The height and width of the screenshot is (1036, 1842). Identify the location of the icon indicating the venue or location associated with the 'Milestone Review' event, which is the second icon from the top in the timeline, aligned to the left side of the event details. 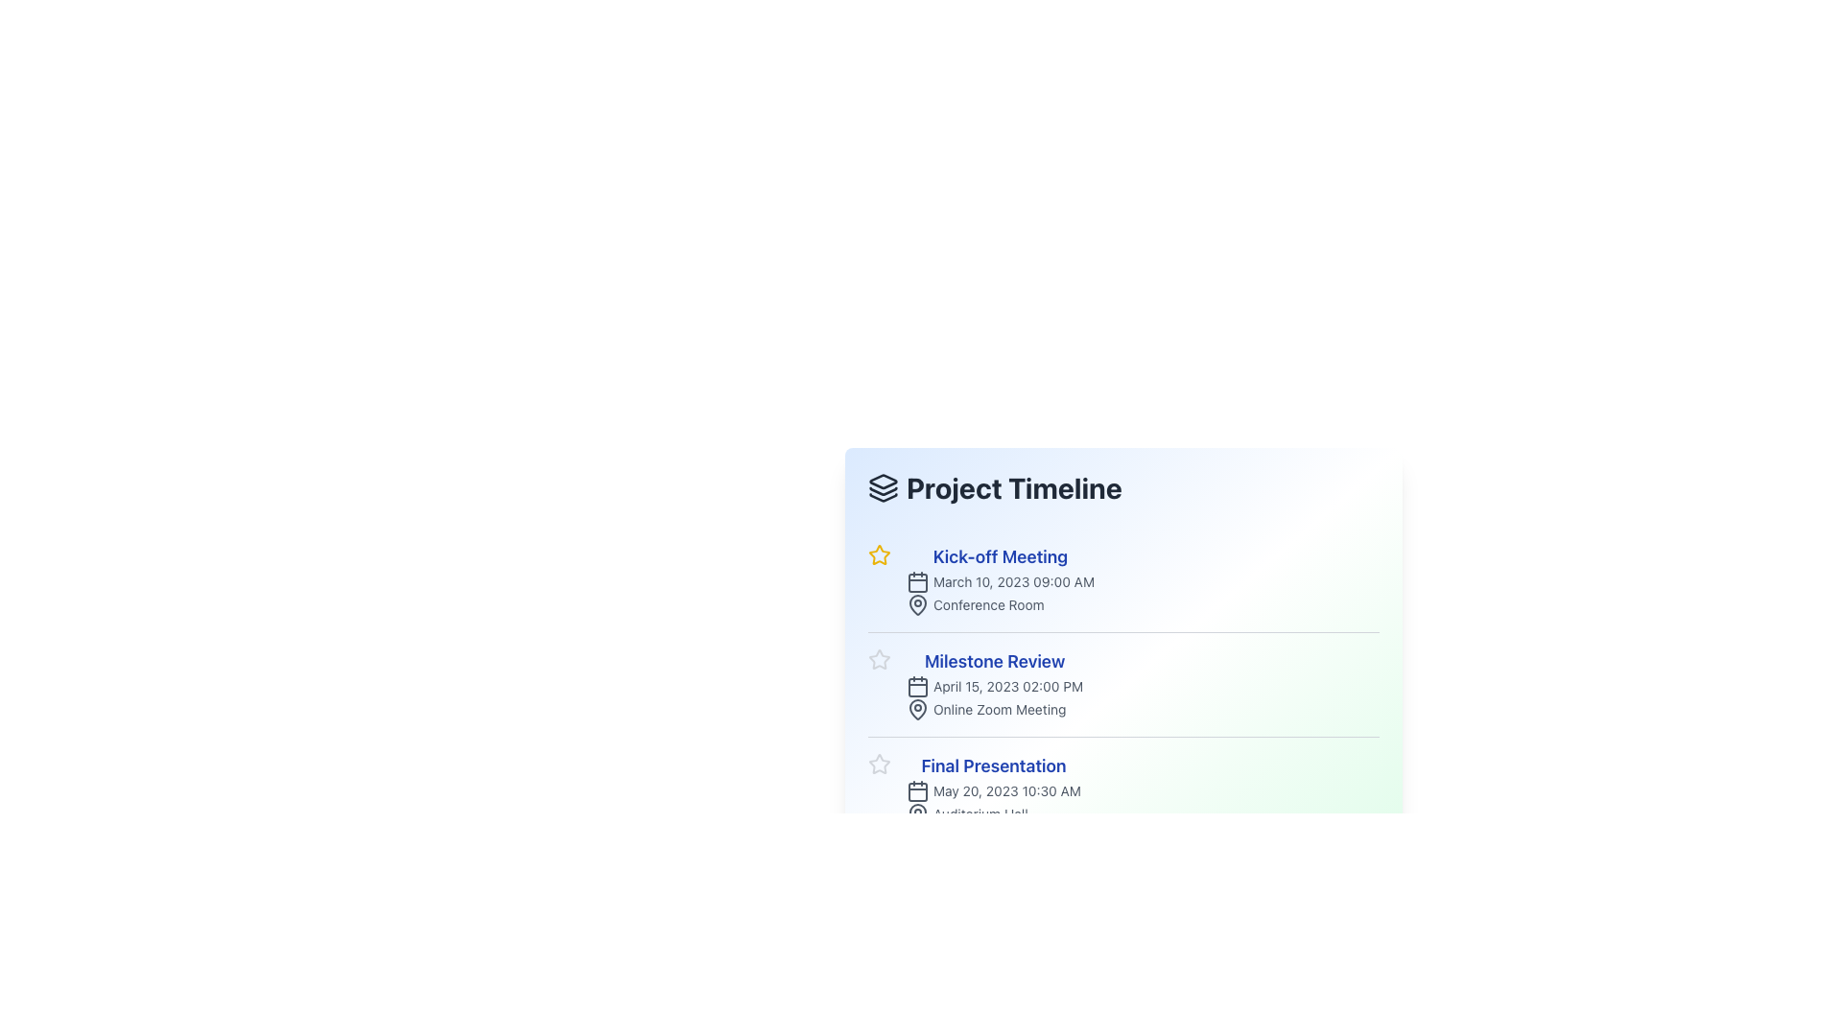
(916, 709).